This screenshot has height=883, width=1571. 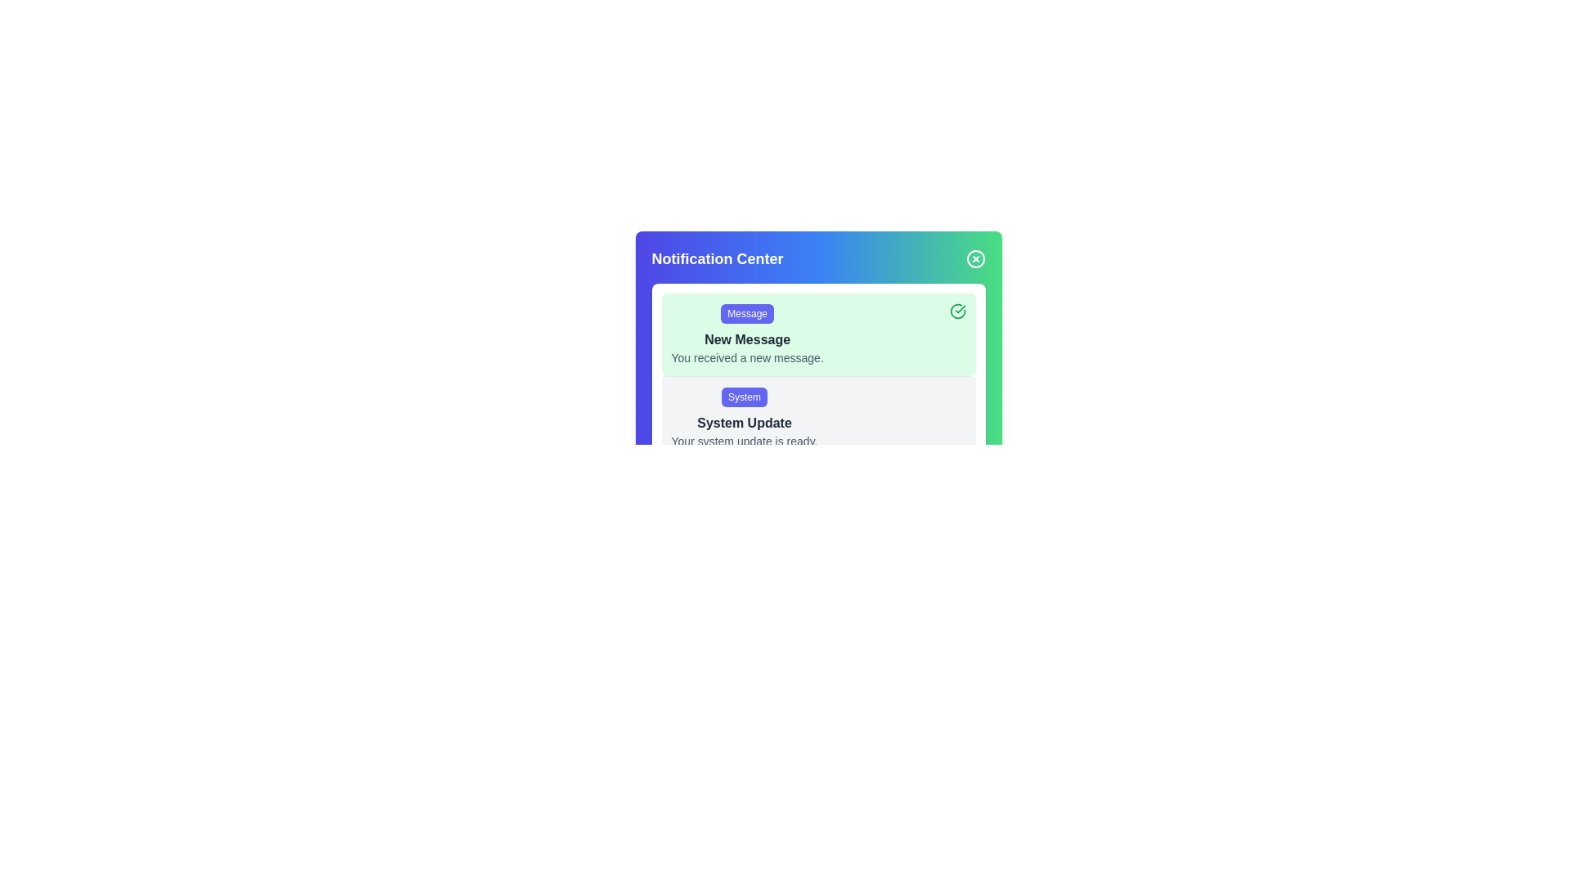 What do you see at coordinates (746, 314) in the screenshot?
I see `the blue button-like component labeled 'Message' which is located above the text 'New Message' in the notification panel` at bounding box center [746, 314].